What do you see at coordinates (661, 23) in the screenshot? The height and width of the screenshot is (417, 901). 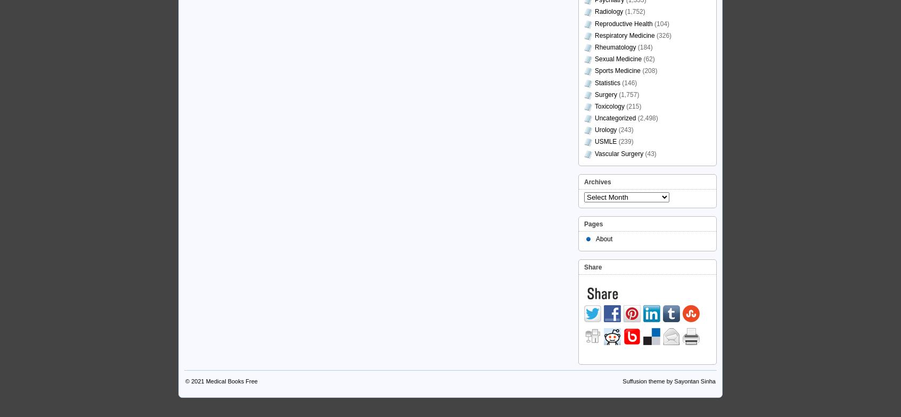 I see `'(104)'` at bounding box center [661, 23].